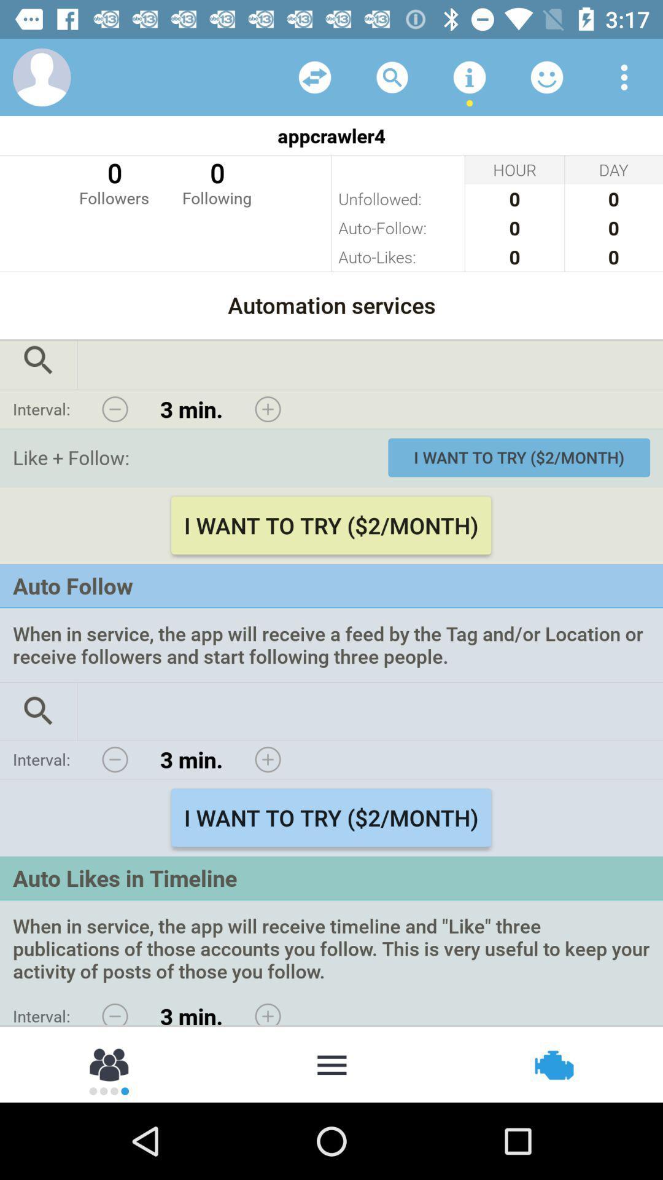  I want to click on icon below appcrawler4, so click(114, 181).